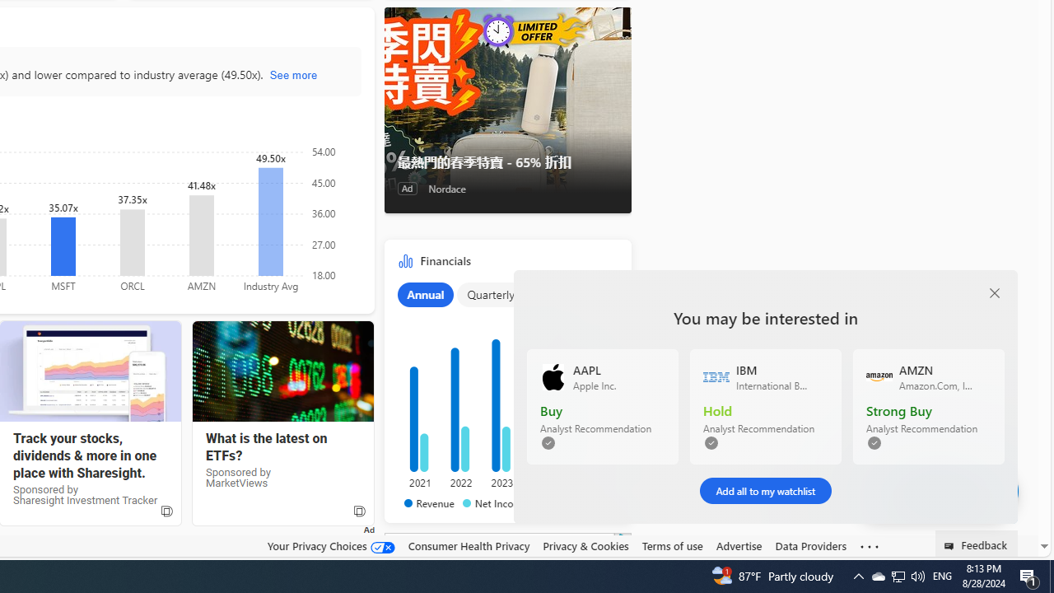  Describe the element at coordinates (468, 545) in the screenshot. I see `'Consumer Health Privacy'` at that location.